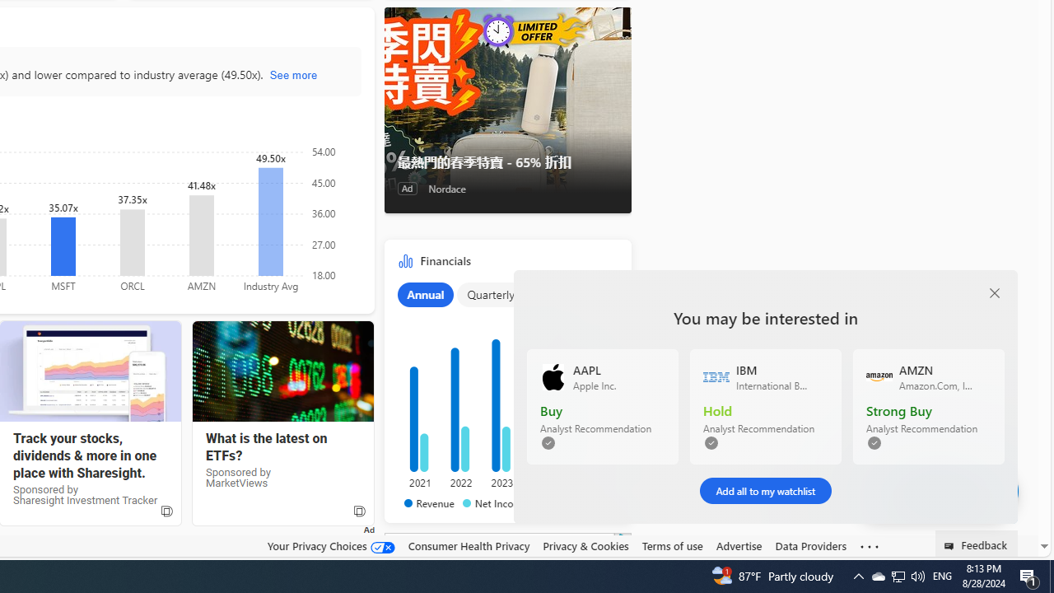  Describe the element at coordinates (468, 545) in the screenshot. I see `'Consumer Health Privacy'` at that location.